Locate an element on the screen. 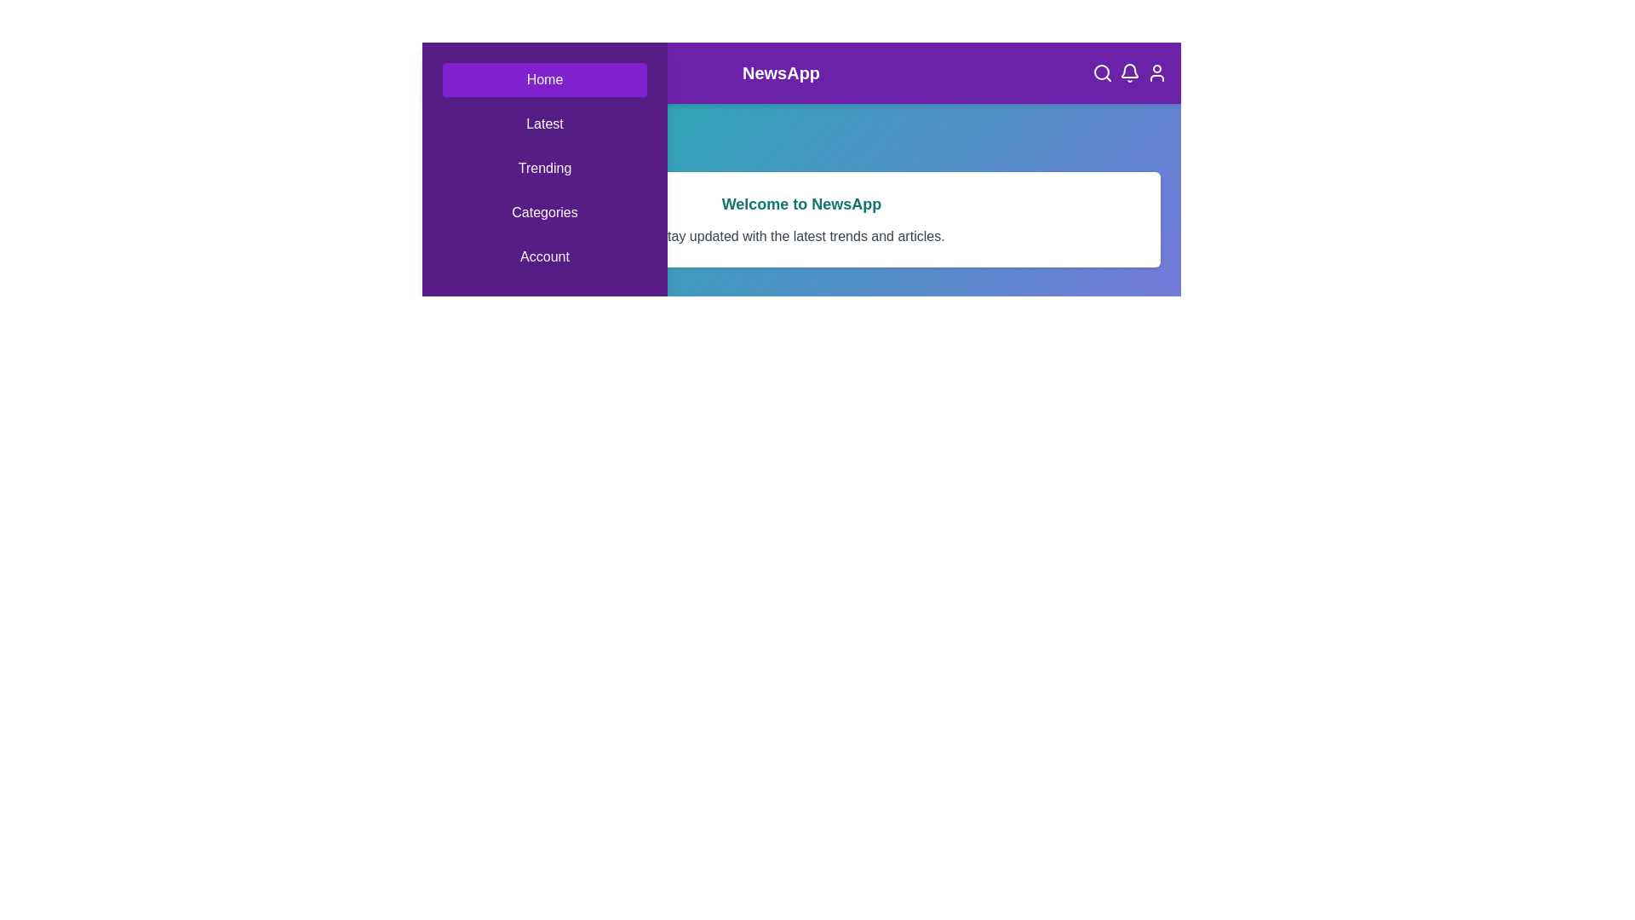  the notifications icon to toggle the notification state is located at coordinates (1129, 72).